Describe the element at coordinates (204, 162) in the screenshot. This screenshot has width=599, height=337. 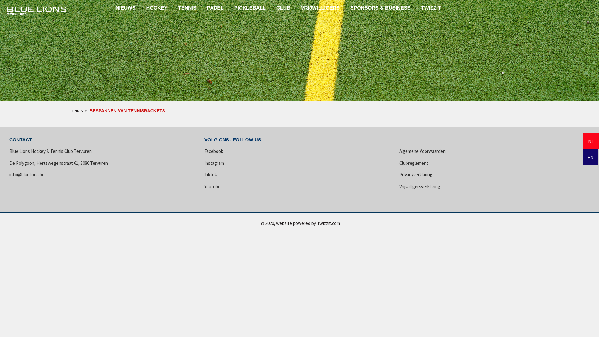
I see `'Instagram'` at that location.